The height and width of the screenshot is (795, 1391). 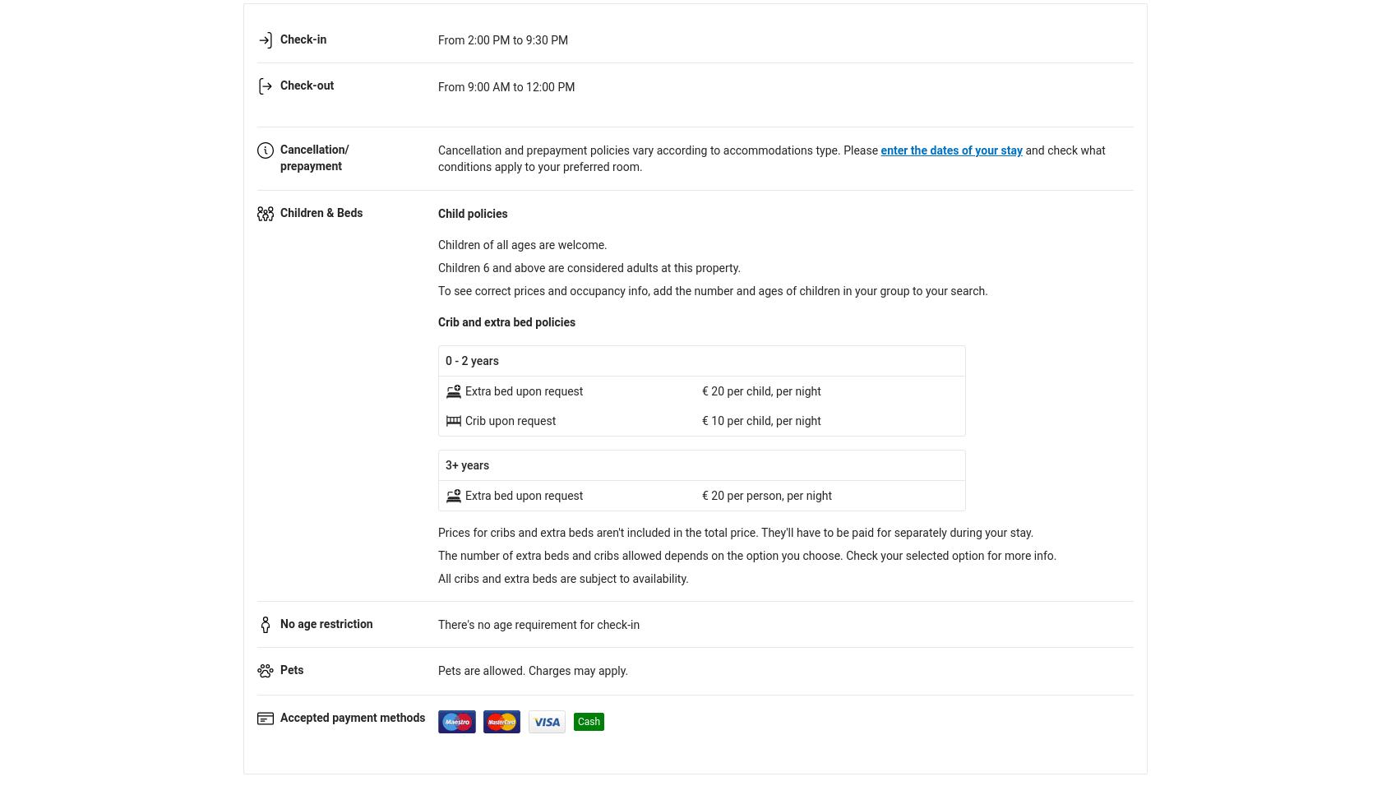 I want to click on 'Accepted payment methods', so click(x=351, y=716).